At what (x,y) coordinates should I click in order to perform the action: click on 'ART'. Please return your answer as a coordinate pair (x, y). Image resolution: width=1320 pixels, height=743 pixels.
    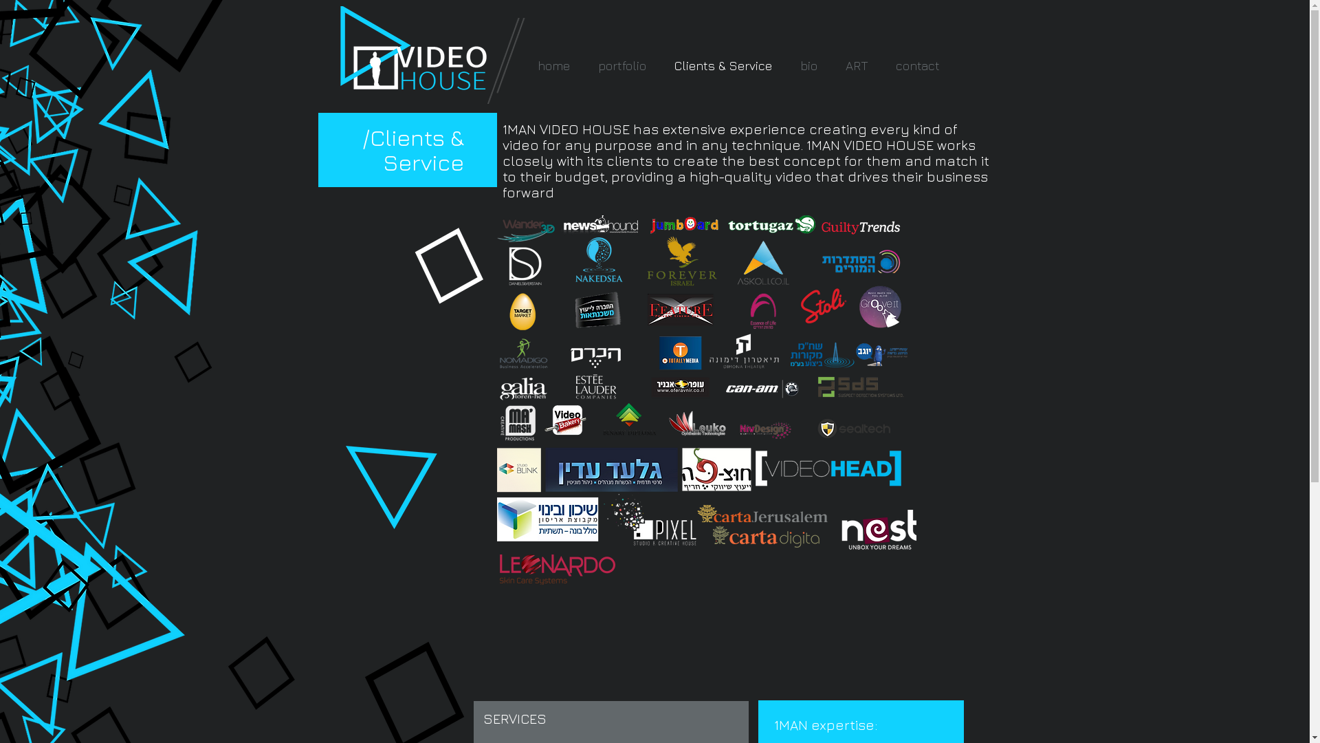
    Looking at the image, I should click on (856, 65).